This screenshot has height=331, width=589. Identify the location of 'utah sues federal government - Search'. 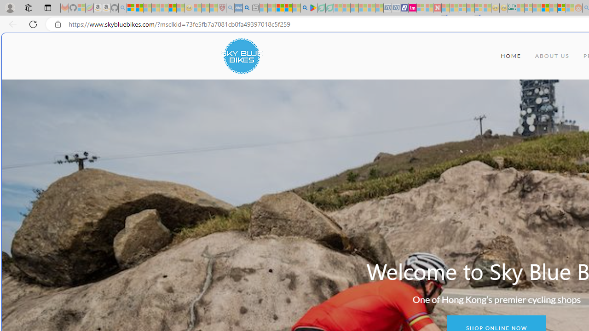
(247, 8).